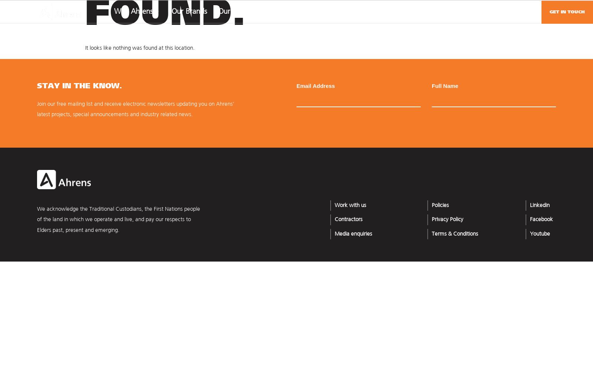  Describe the element at coordinates (440, 205) in the screenshot. I see `'Policies'` at that location.